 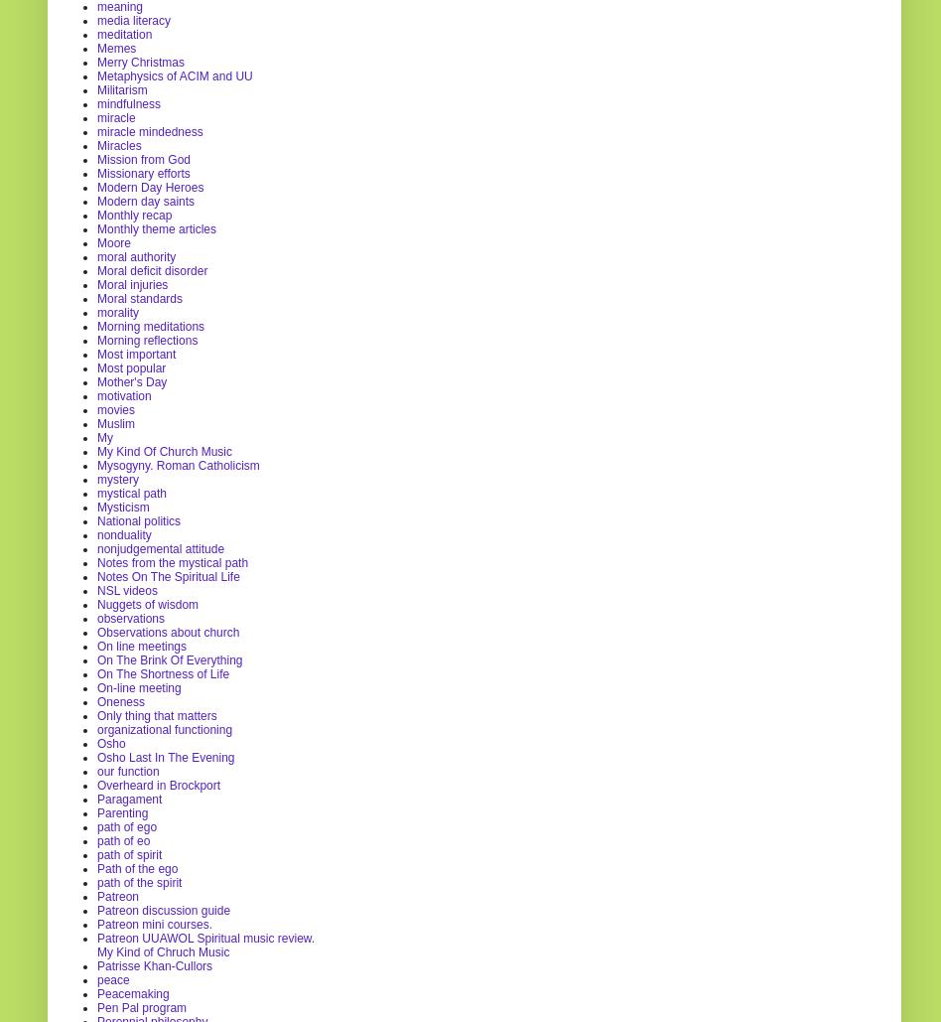 I want to click on 'Overheard in Brockport', so click(x=158, y=784).